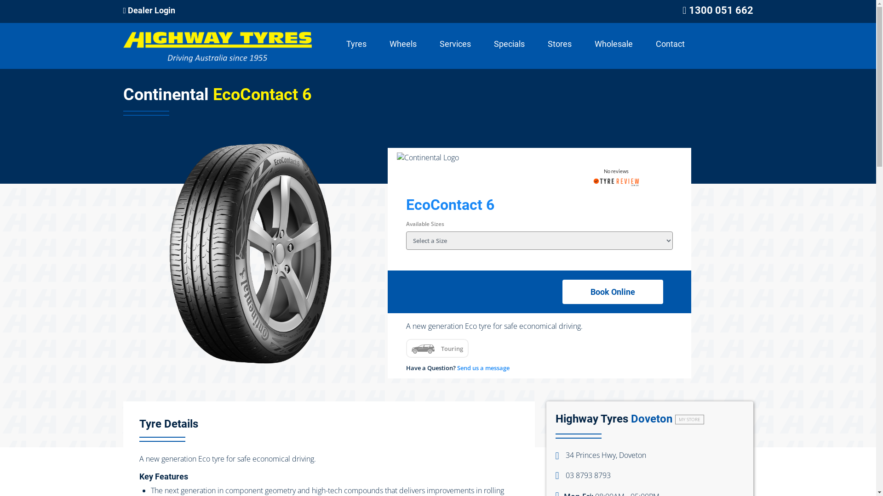 The image size is (883, 496). What do you see at coordinates (439, 44) in the screenshot?
I see `'Services'` at bounding box center [439, 44].